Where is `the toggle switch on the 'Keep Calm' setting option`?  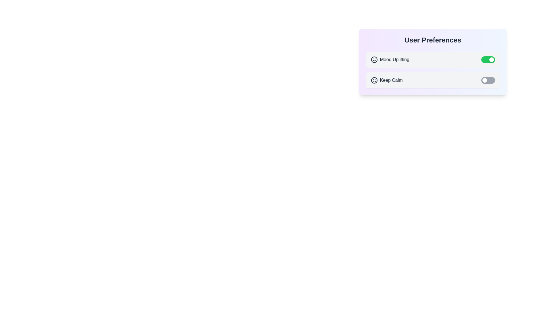
the toggle switch on the 'Keep Calm' setting option is located at coordinates (433, 80).